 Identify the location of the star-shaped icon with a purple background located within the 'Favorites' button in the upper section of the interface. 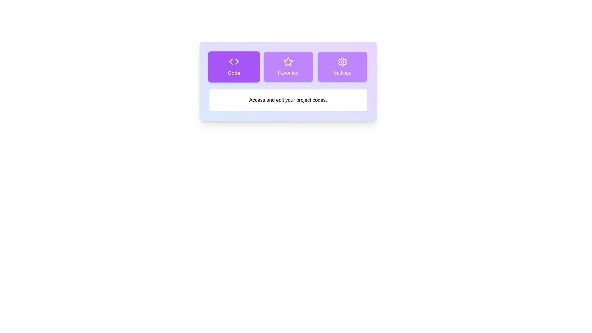
(288, 62).